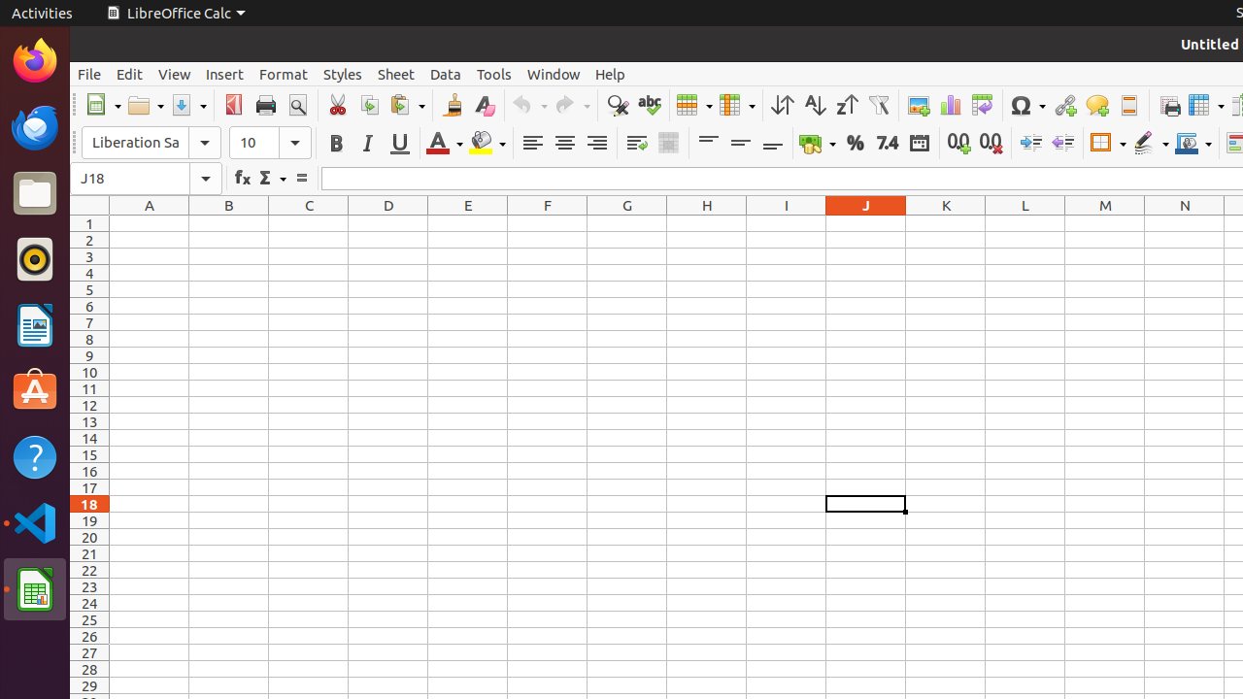 Image resolution: width=1243 pixels, height=699 pixels. I want to click on 'Increase', so click(1029, 142).